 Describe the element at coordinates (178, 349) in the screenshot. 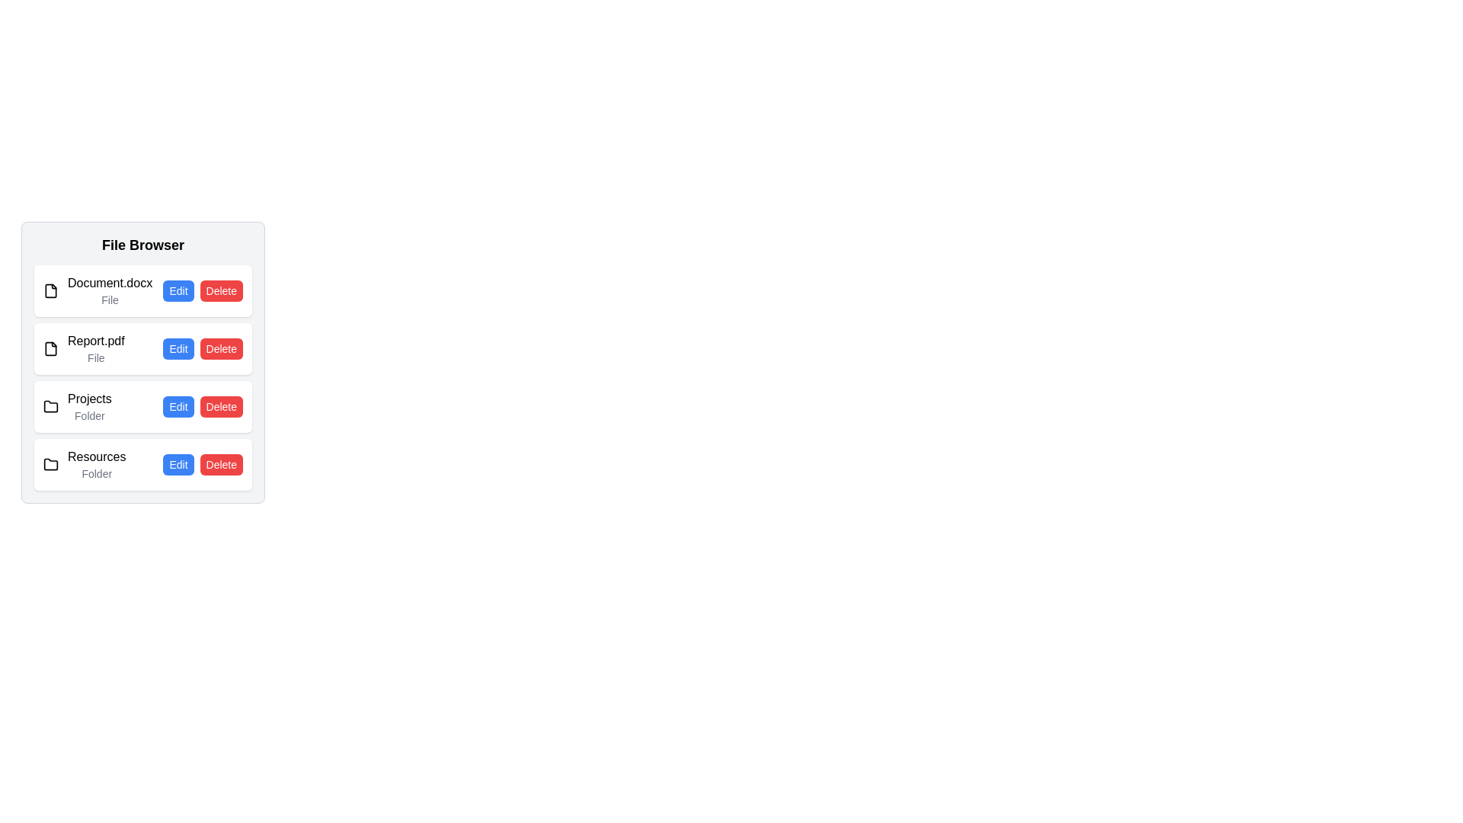

I see `'Edit' button for the specified file or folder Report.pdf` at that location.